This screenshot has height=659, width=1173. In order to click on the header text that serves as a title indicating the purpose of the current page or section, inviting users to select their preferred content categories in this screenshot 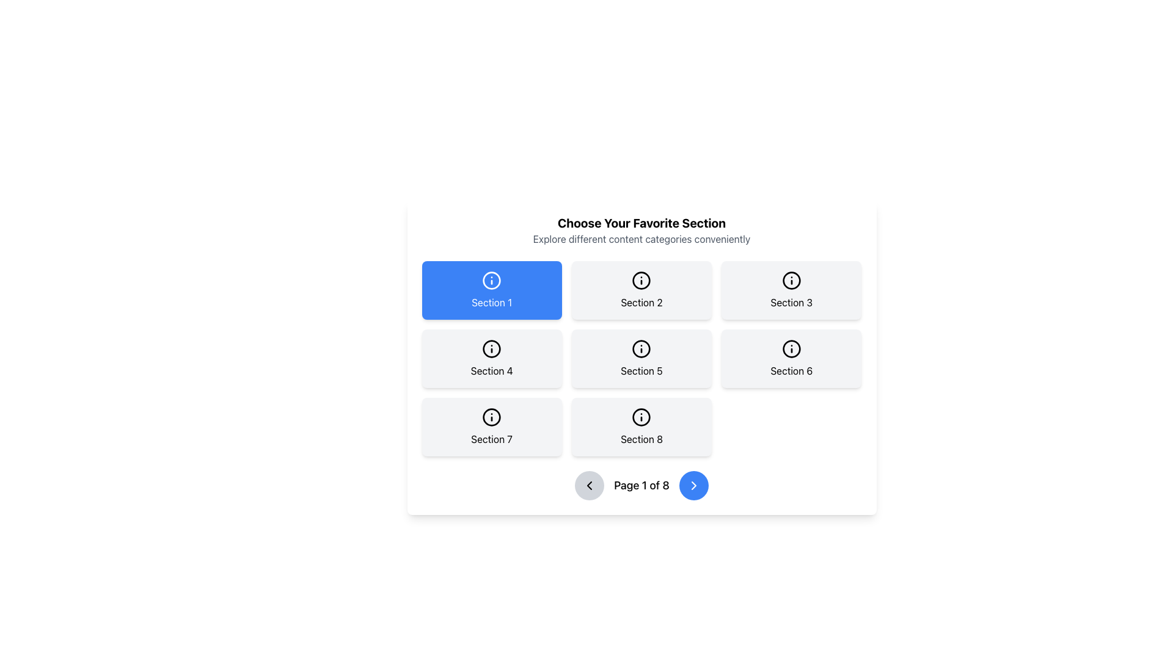, I will do `click(641, 223)`.